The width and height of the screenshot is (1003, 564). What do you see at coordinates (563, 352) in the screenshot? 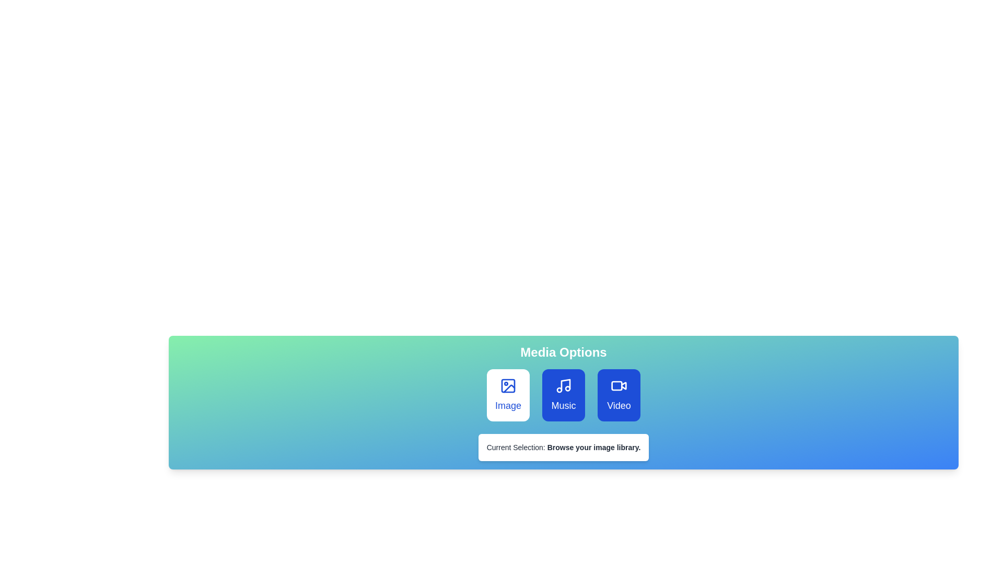
I see `the text header displaying 'Media Options'` at bounding box center [563, 352].